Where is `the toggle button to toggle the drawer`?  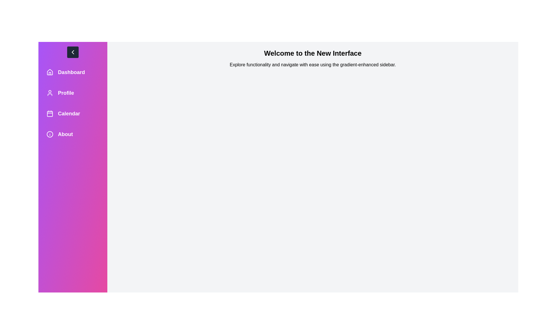 the toggle button to toggle the drawer is located at coordinates (73, 52).